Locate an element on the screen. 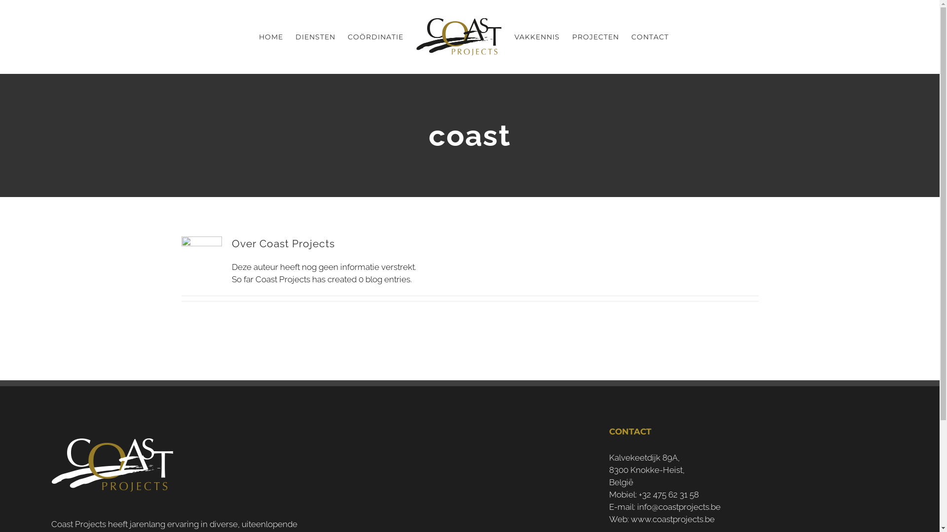 This screenshot has height=532, width=947. 'www.coastprojects.be' is located at coordinates (672, 518).